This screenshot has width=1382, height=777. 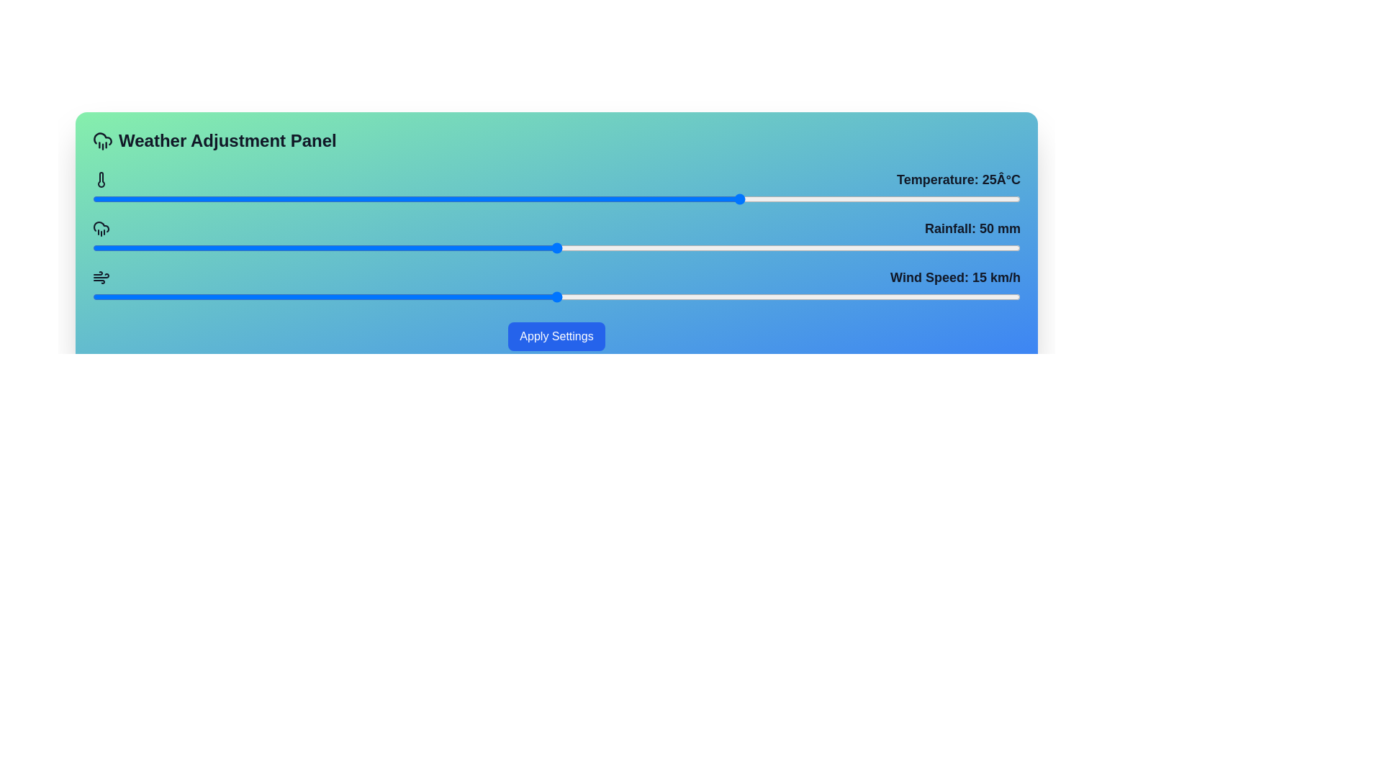 What do you see at coordinates (100, 227) in the screenshot?
I see `the Decorative icon representing rainfall, located to the left of the 'Rainfall: 50 mm' label` at bounding box center [100, 227].